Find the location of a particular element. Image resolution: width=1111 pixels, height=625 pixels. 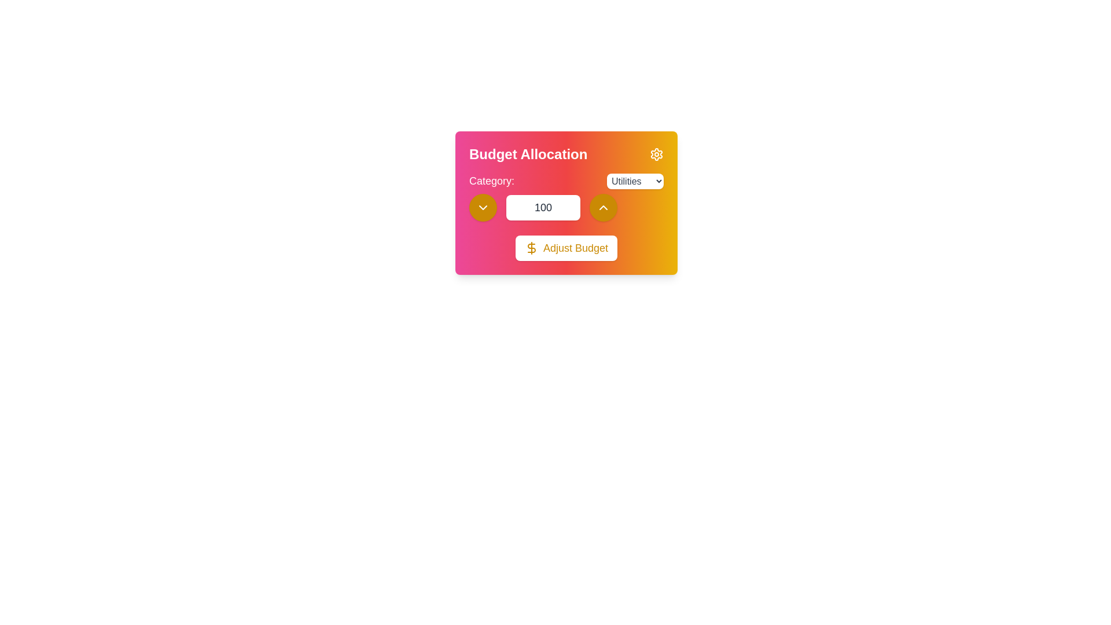

the increment button, represented by an arrow icon, located adjacent to the numeric input field labeled '100' in the bottom right section of the 'Budget Allocation' card to increase the numeric value is located at coordinates (602, 207).